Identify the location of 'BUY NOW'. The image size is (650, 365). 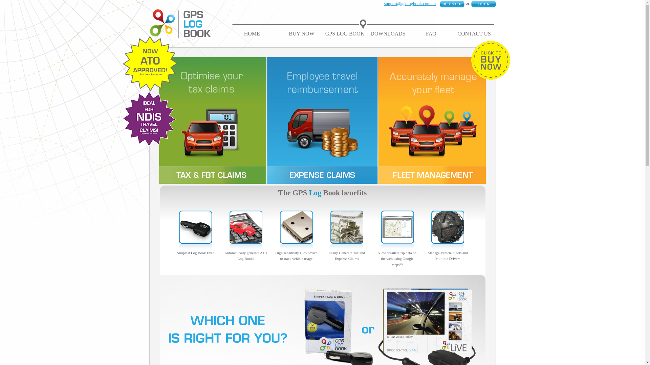
(289, 33).